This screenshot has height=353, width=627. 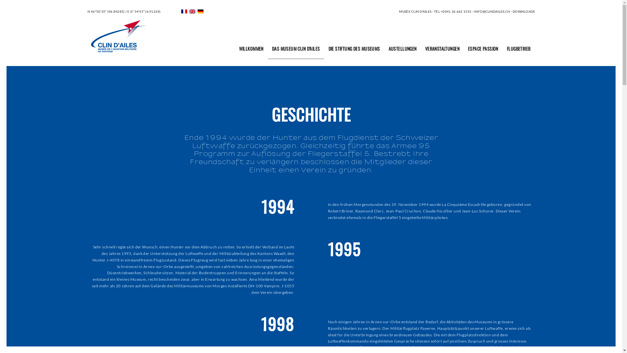 What do you see at coordinates (200, 11) in the screenshot?
I see `'DEUTSCH'` at bounding box center [200, 11].